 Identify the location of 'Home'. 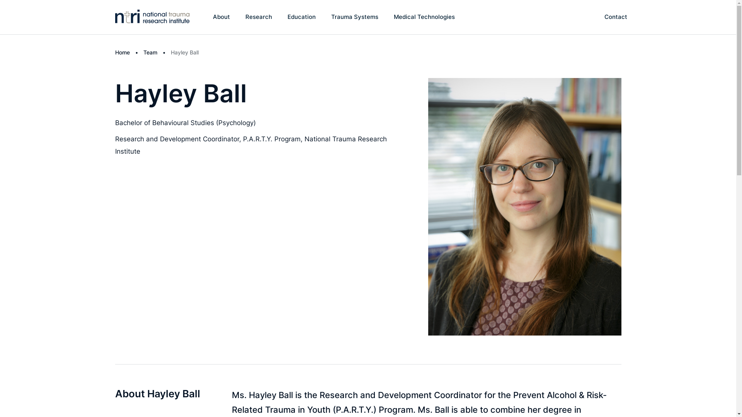
(122, 52).